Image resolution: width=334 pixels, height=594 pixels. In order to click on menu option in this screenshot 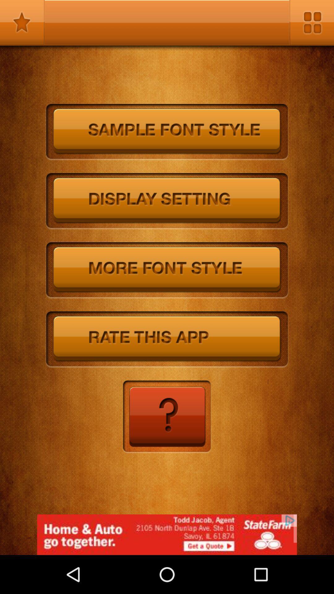, I will do `click(311, 22)`.